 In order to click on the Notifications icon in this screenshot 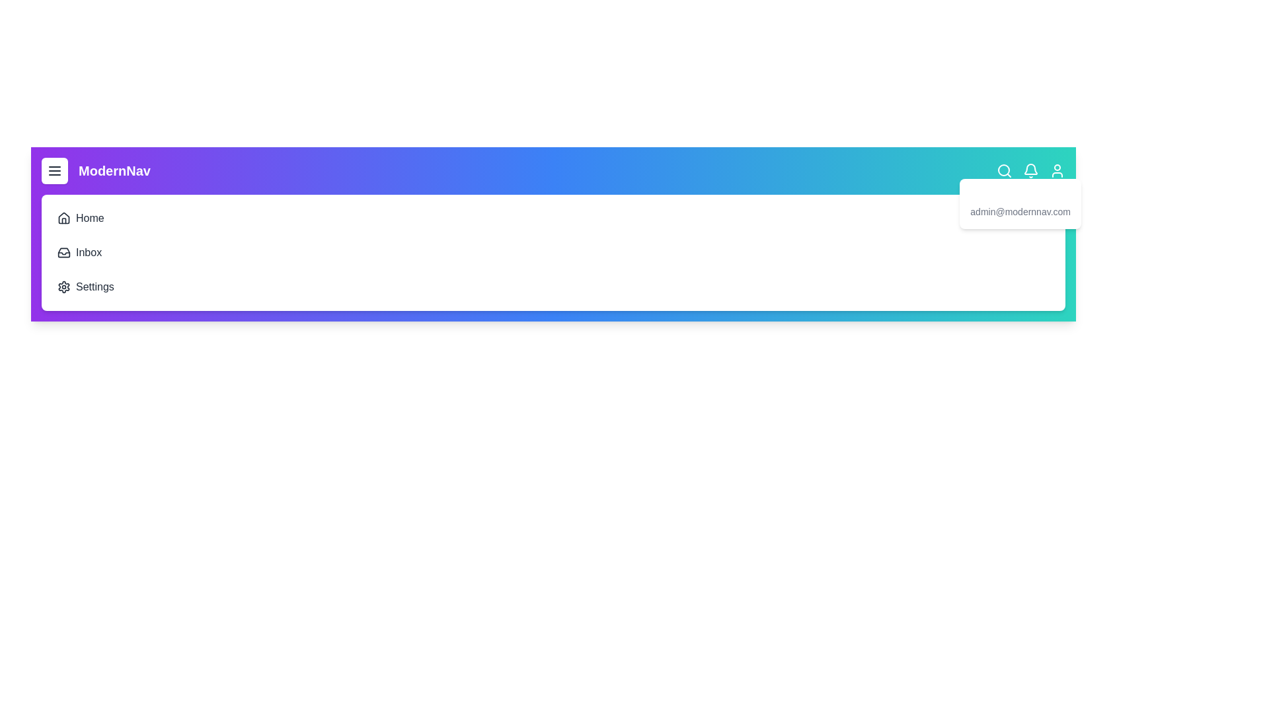, I will do `click(1030, 170)`.